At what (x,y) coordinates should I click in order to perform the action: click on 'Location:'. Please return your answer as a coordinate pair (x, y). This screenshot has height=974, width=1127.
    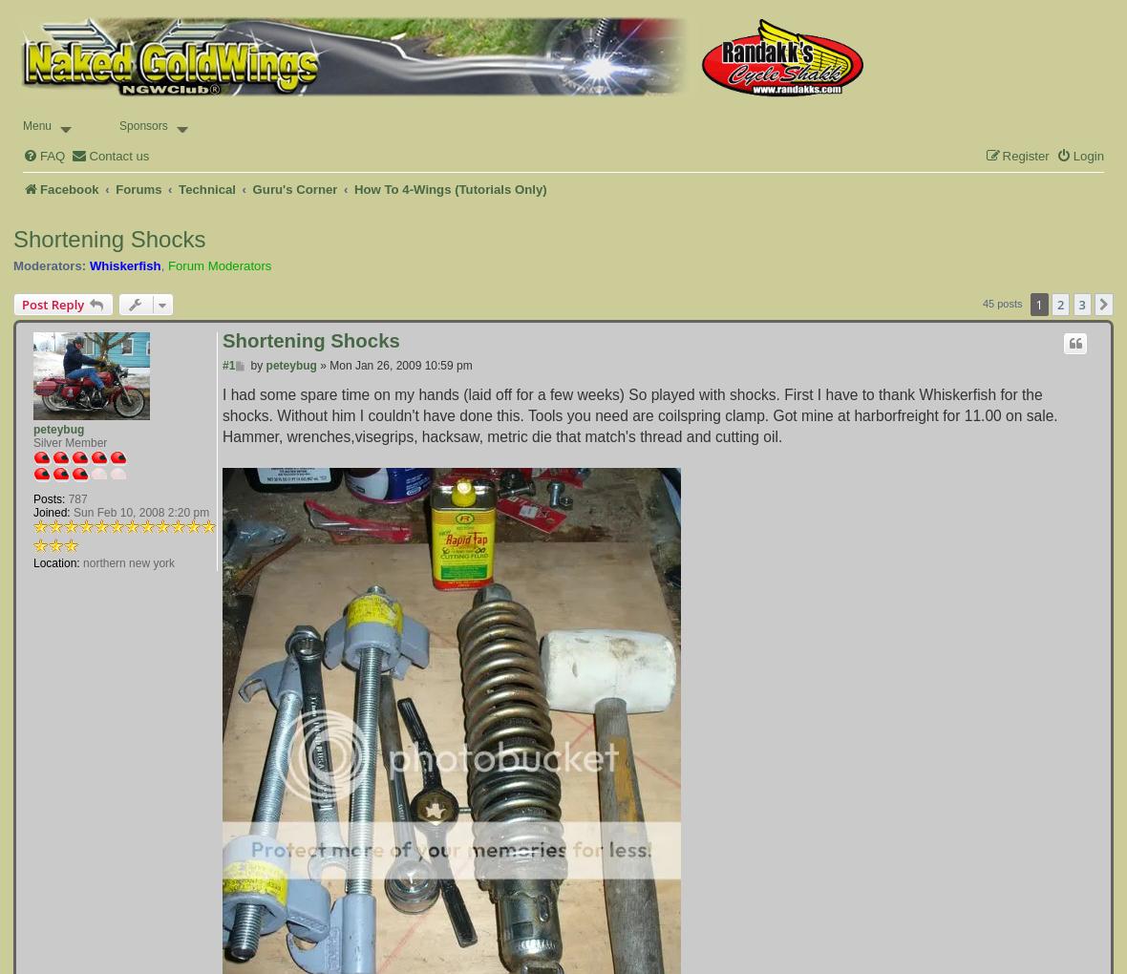
    Looking at the image, I should click on (55, 562).